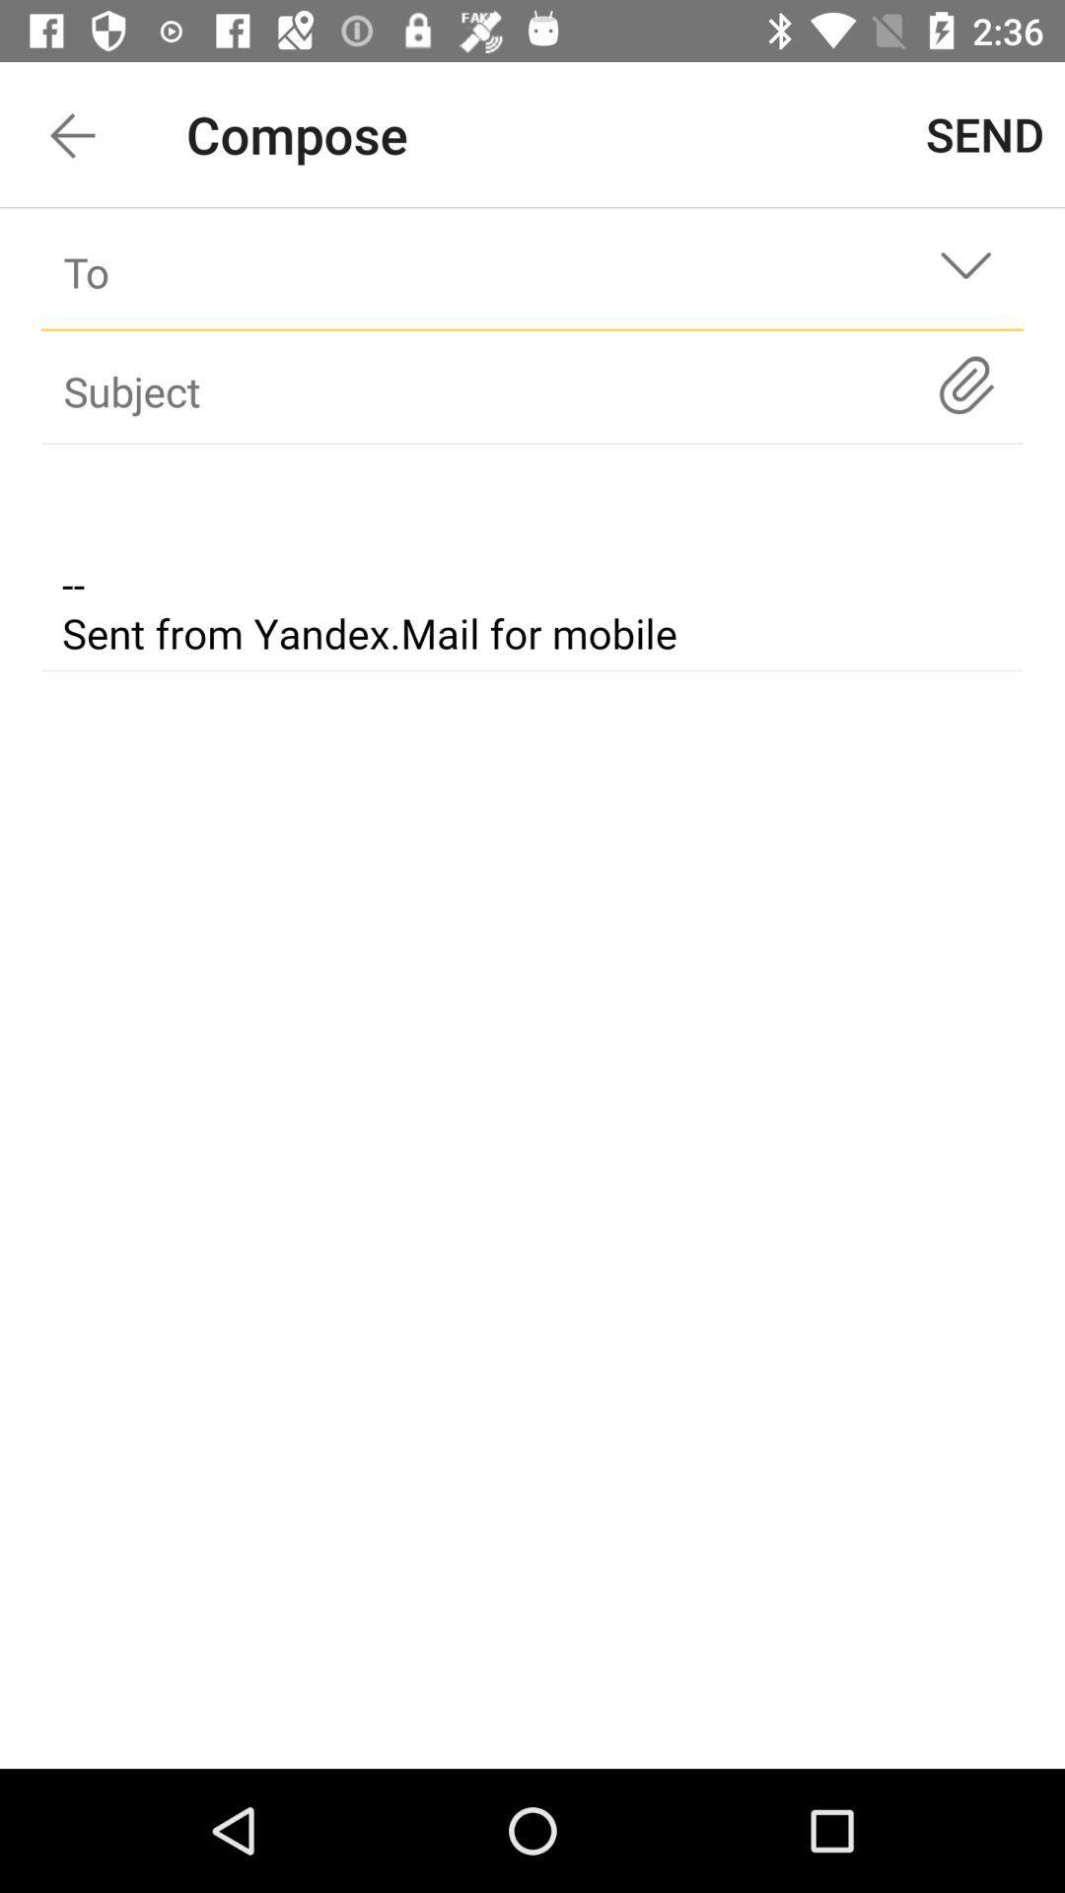 This screenshot has width=1065, height=1893. Describe the element at coordinates (964, 271) in the screenshot. I see `drop down for contacts list` at that location.